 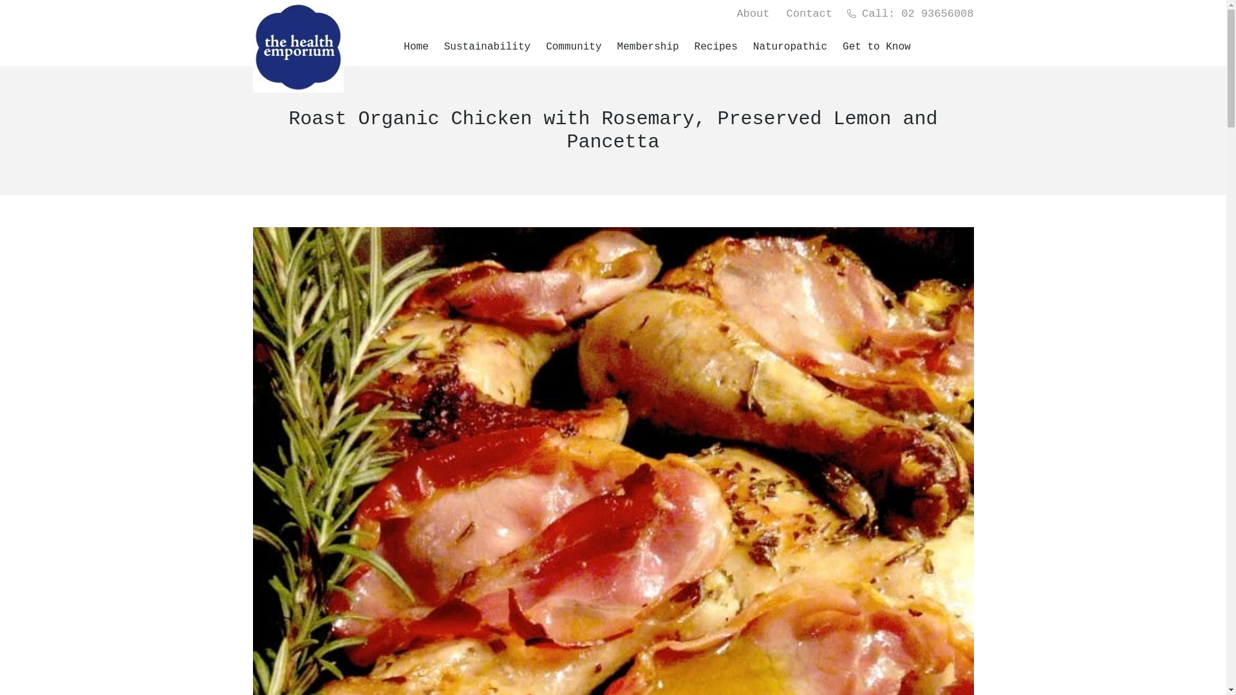 I want to click on 'Naturopathic', so click(x=791, y=46).